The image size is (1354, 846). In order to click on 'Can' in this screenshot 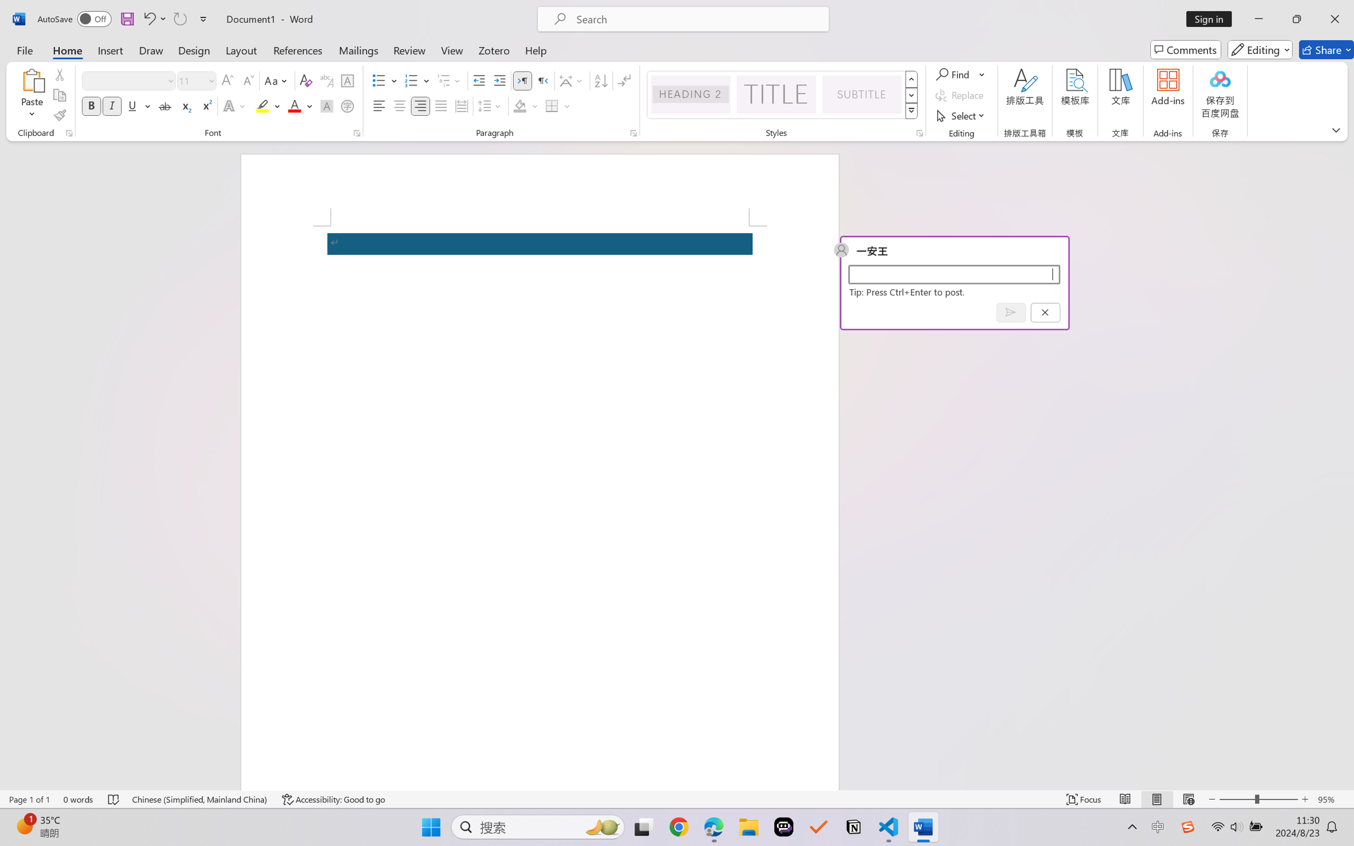, I will do `click(179, 18)`.